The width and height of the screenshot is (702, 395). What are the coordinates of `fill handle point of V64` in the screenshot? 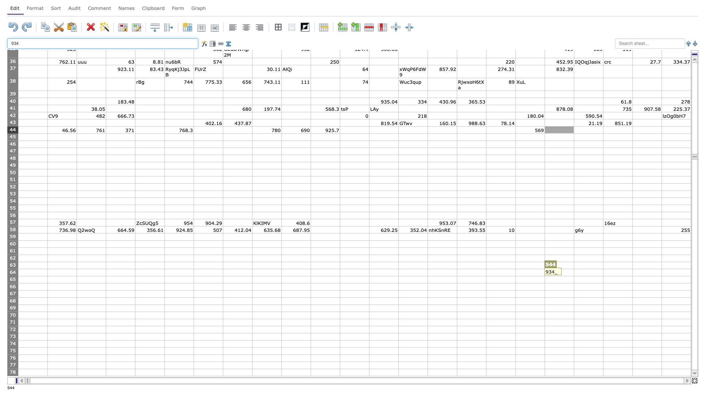 It's located at (661, 276).